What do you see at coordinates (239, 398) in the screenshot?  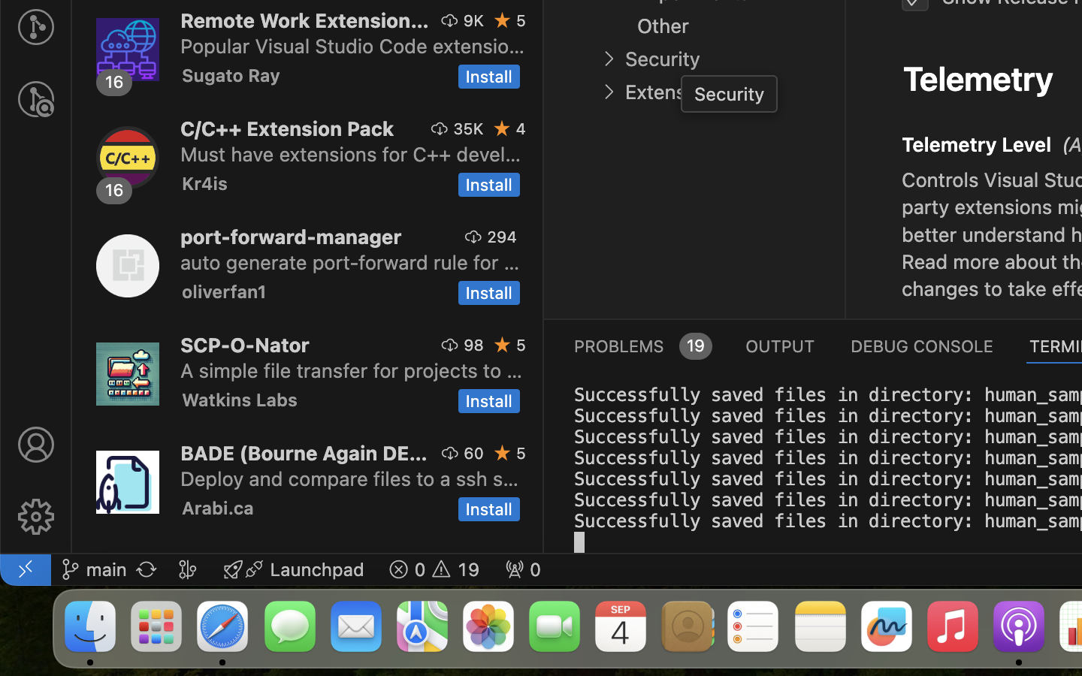 I see `'Watkins Labs'` at bounding box center [239, 398].